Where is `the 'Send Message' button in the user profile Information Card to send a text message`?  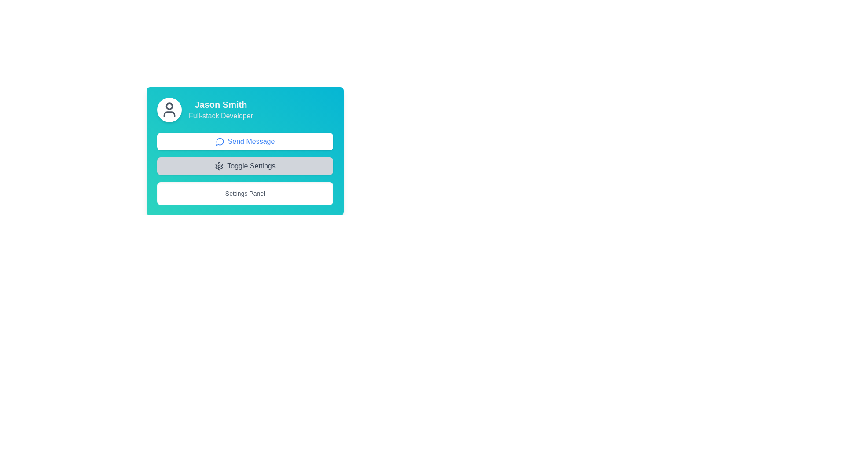 the 'Send Message' button in the user profile Information Card to send a text message is located at coordinates (245, 150).